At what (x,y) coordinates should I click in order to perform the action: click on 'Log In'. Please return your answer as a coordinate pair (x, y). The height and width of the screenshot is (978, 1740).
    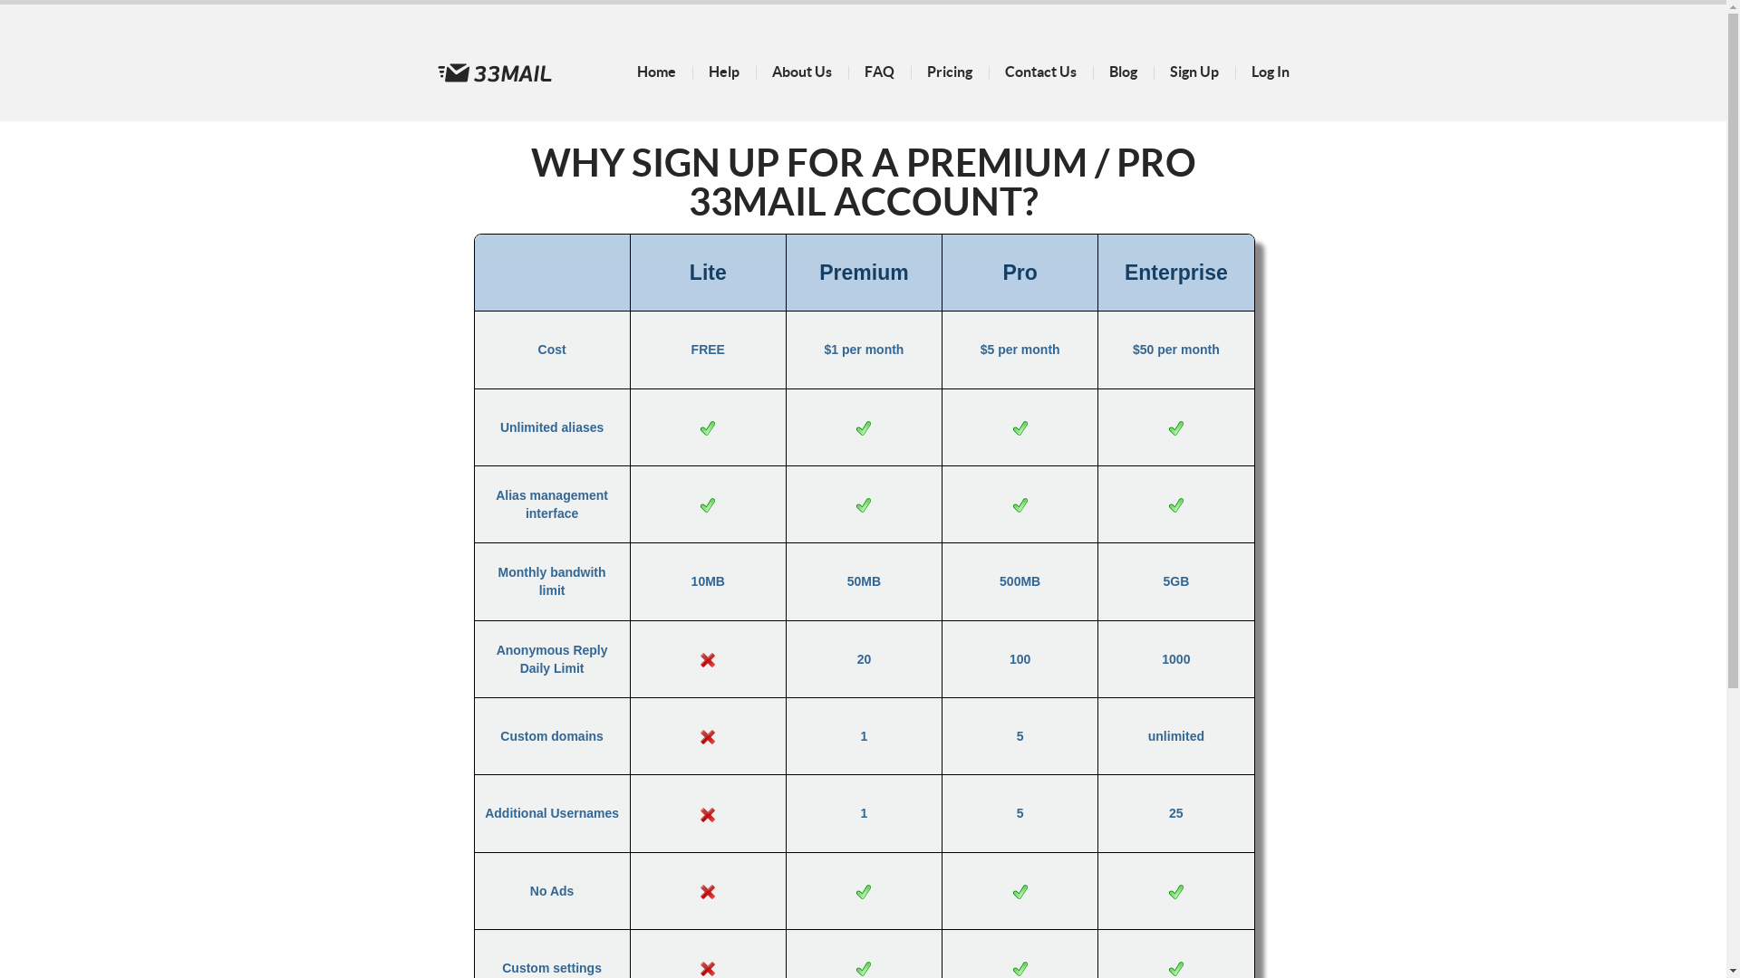
    Looking at the image, I should click on (1269, 70).